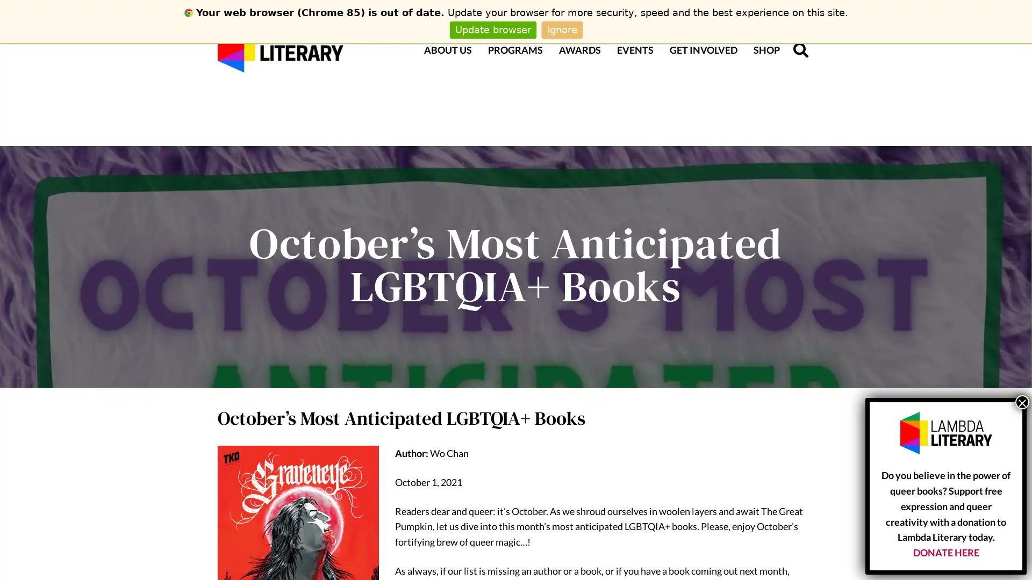  Describe the element at coordinates (1021, 402) in the screenshot. I see `Close` at that location.